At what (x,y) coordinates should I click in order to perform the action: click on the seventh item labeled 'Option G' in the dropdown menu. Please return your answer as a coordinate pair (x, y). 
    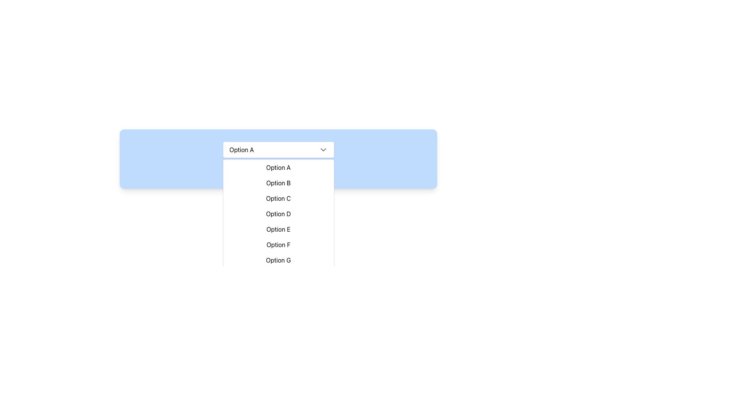
    Looking at the image, I should click on (278, 260).